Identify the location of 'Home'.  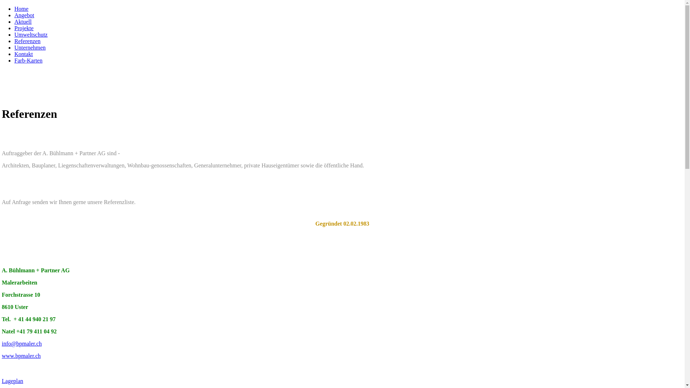
(21, 9).